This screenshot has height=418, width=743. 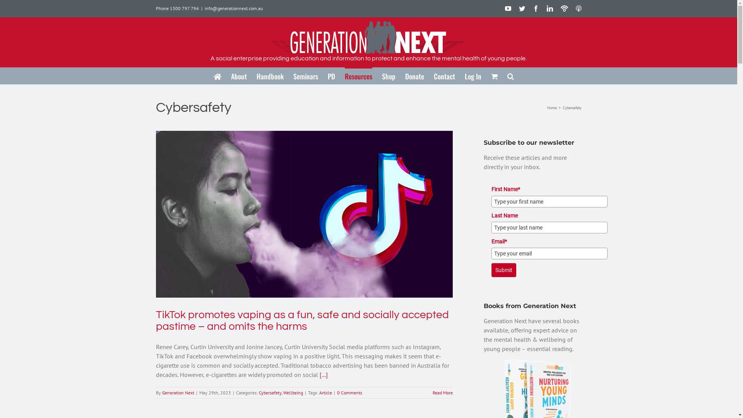 I want to click on 'Twitter', so click(x=519, y=9).